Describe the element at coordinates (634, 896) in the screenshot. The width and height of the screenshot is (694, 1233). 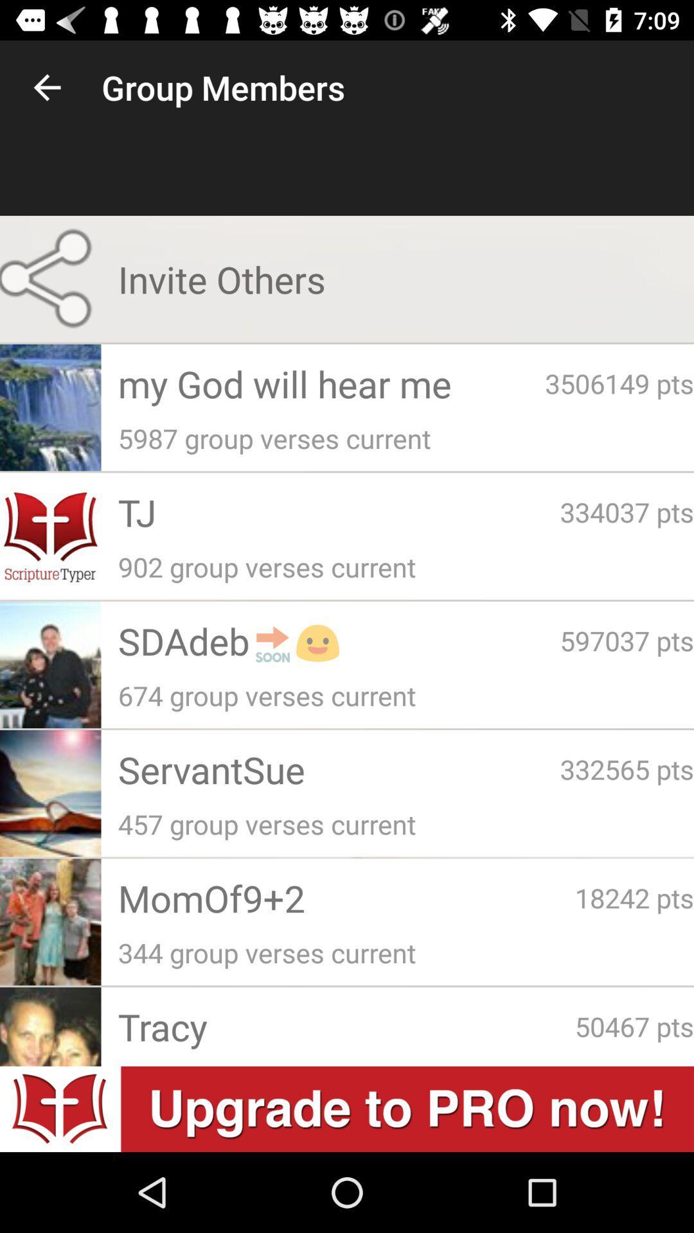
I see `item next to the momof9+2 app` at that location.